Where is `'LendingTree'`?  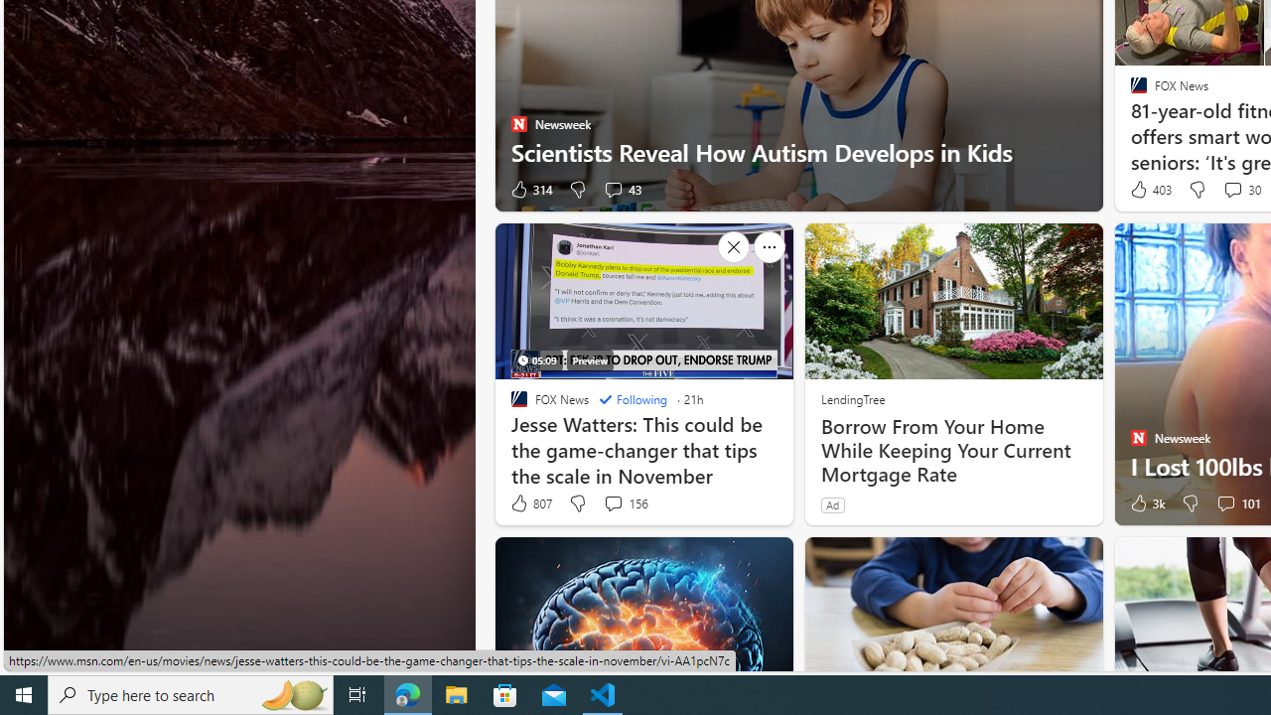
'LendingTree' is located at coordinates (852, 398).